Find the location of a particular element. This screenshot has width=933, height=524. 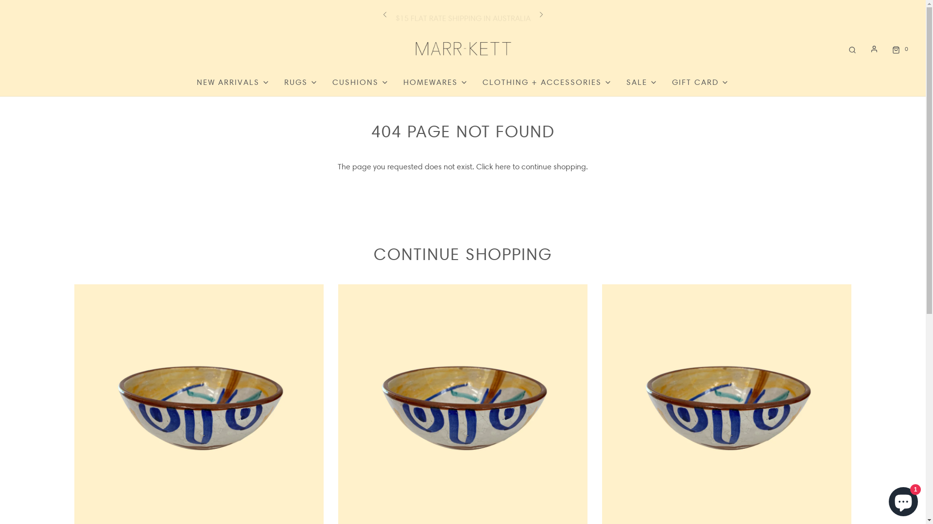

'HOMEWARES' is located at coordinates (435, 82).